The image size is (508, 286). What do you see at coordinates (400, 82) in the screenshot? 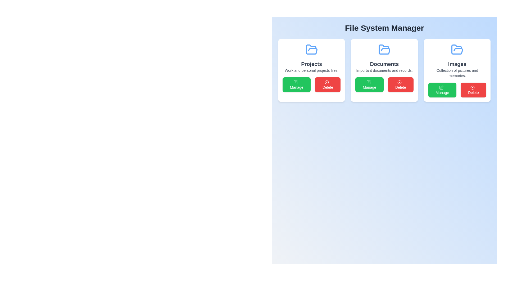
I see `the graphical representation of a circle within the SVG design that serves as the delete icon in the second card labeled 'Documents'` at bounding box center [400, 82].